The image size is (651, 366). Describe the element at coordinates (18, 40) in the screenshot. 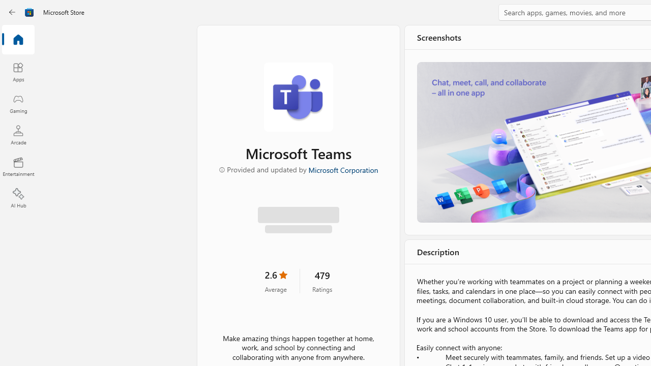

I see `'Home'` at that location.